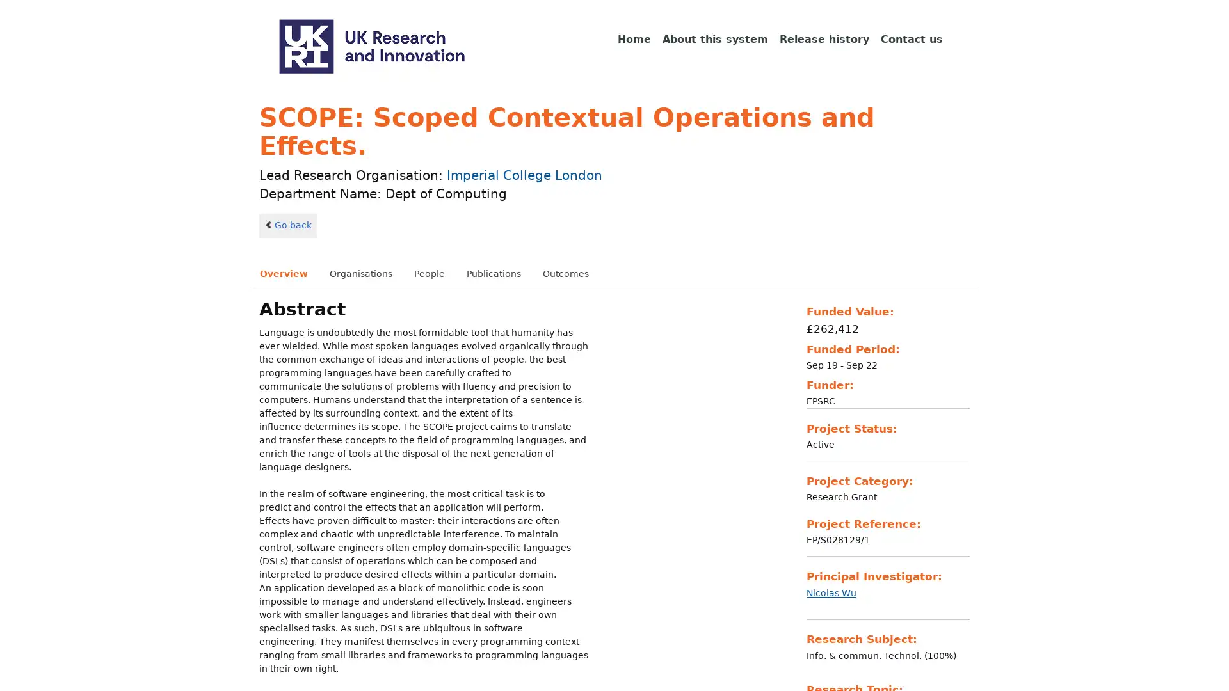  I want to click on Go back, so click(287, 224).